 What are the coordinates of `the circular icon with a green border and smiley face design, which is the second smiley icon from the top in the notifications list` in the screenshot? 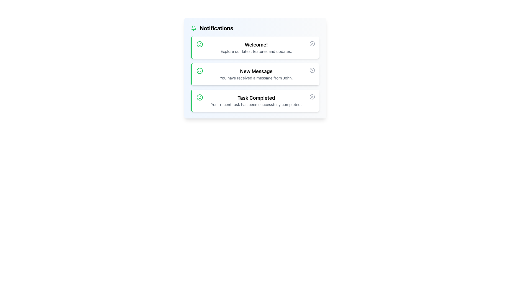 It's located at (199, 70).